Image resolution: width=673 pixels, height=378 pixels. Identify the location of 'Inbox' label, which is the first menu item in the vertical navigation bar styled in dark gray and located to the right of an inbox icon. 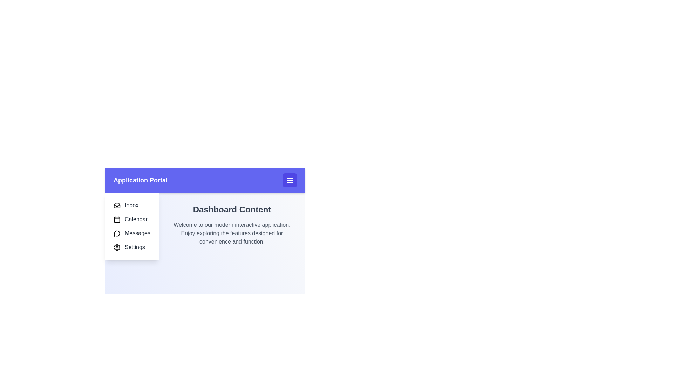
(131, 205).